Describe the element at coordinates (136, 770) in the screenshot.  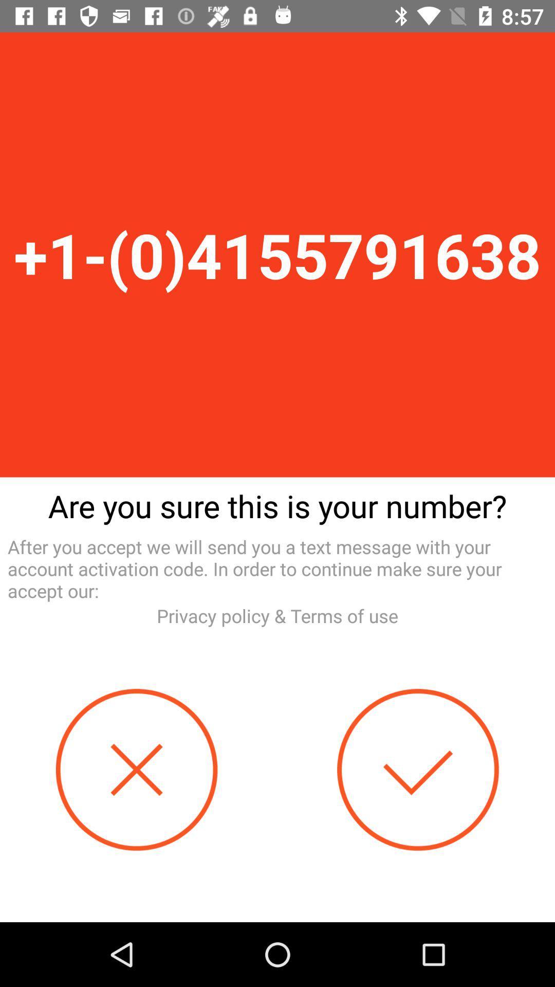
I see `decline the correct number typed` at that location.